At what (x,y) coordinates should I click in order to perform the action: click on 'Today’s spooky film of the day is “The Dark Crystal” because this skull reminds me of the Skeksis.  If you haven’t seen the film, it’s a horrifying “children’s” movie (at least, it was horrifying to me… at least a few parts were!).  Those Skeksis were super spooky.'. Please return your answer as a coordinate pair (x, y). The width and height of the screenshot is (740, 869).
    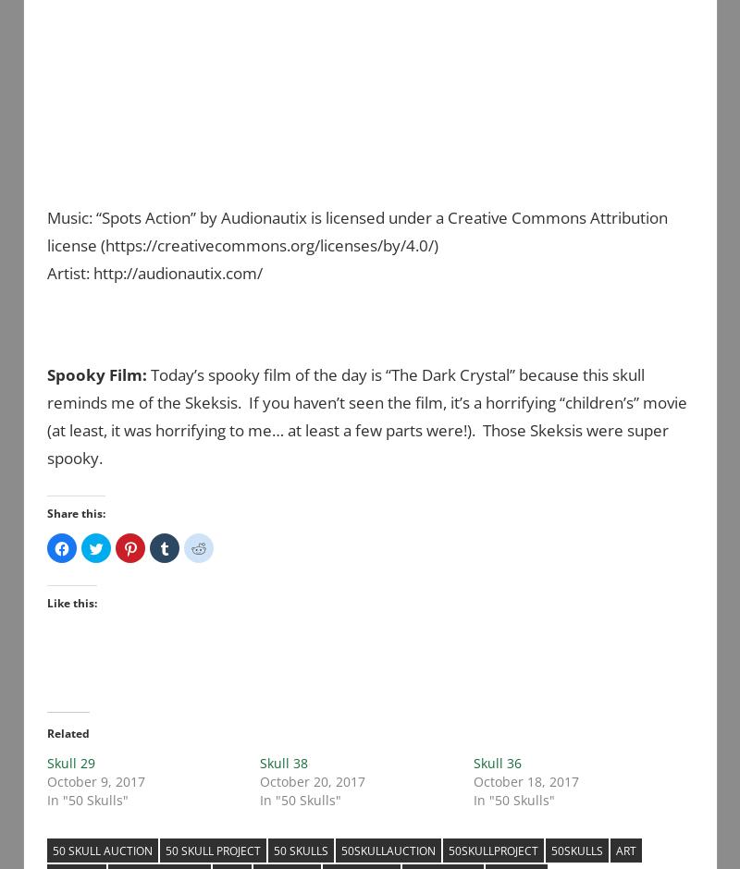
    Looking at the image, I should click on (365, 414).